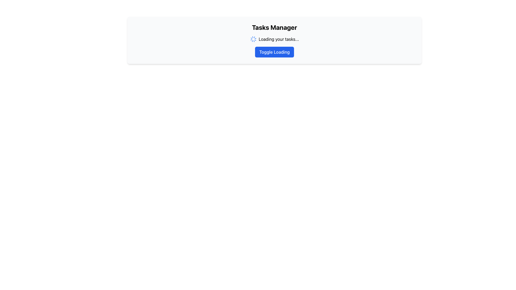 Image resolution: width=516 pixels, height=290 pixels. What do you see at coordinates (279, 39) in the screenshot?
I see `the static text label displaying 'Loading your tasks...' located to the right of the animated spinner icon` at bounding box center [279, 39].